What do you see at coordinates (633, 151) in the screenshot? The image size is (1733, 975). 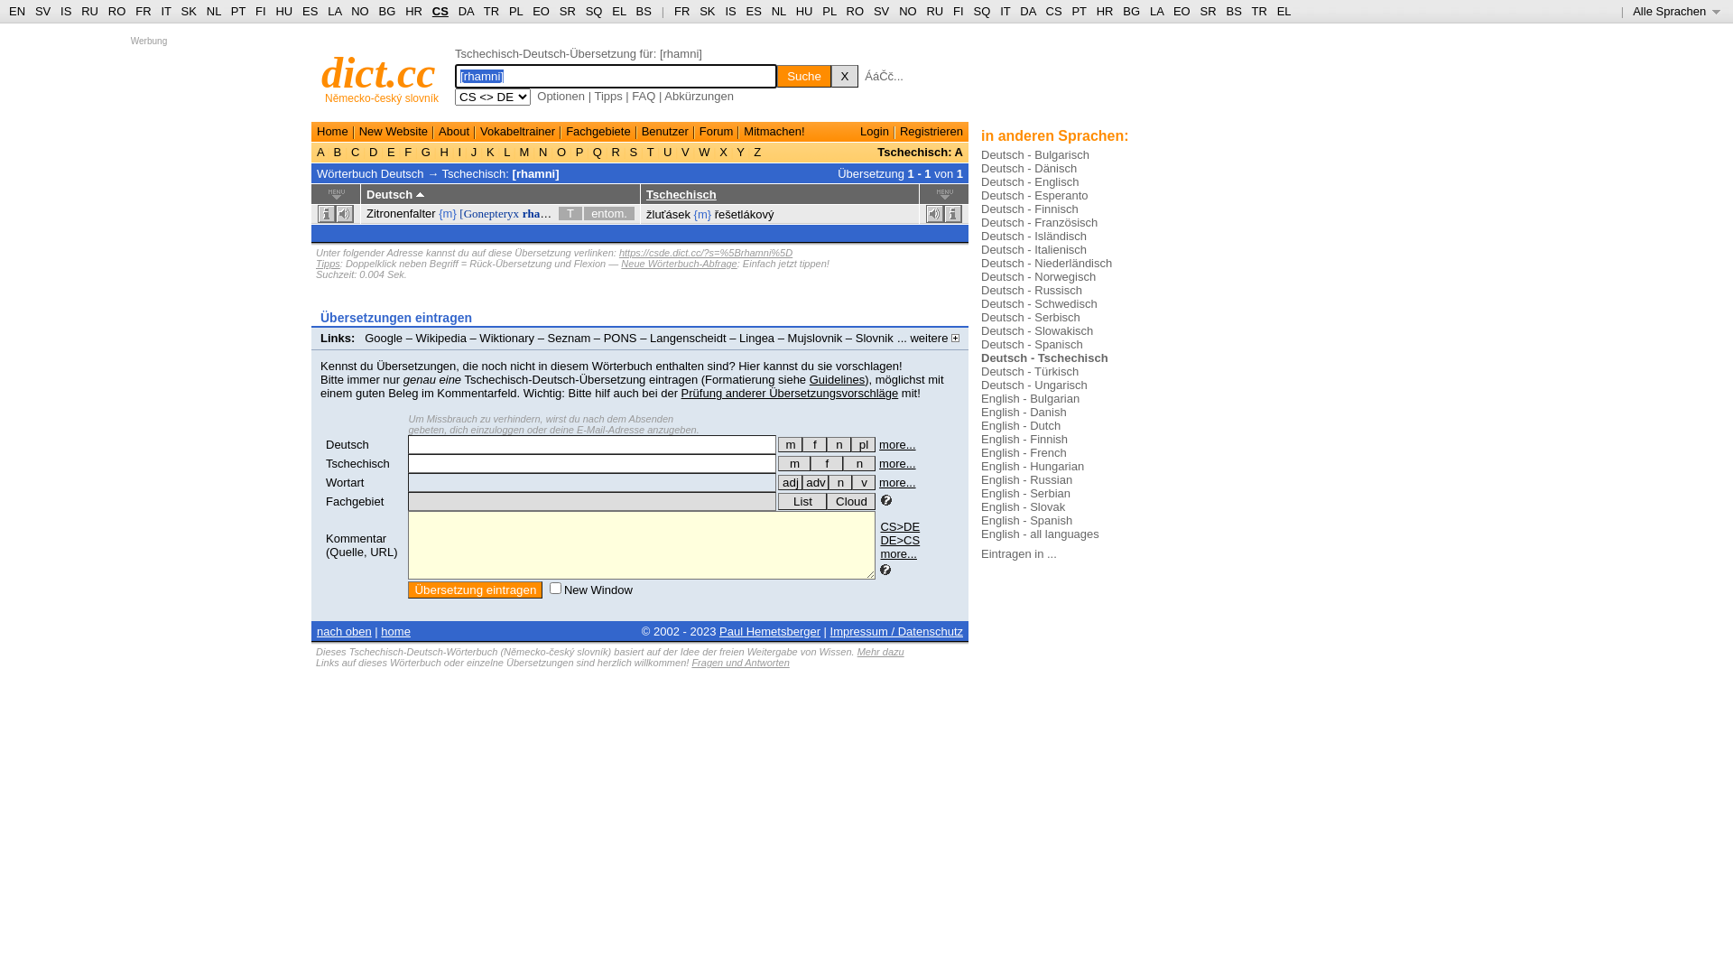 I see `'S'` at bounding box center [633, 151].